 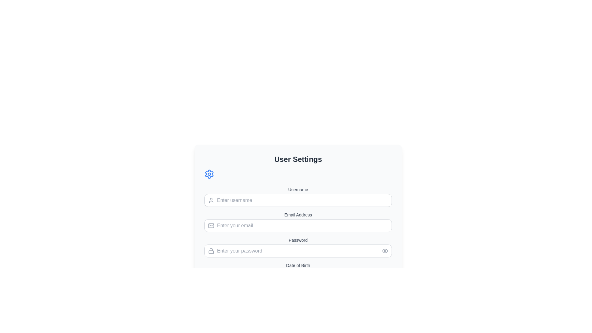 What do you see at coordinates (298, 265) in the screenshot?
I see `the text label indicating the date of birth input field, which is positioned just above the date picker input field in the form layout` at bounding box center [298, 265].